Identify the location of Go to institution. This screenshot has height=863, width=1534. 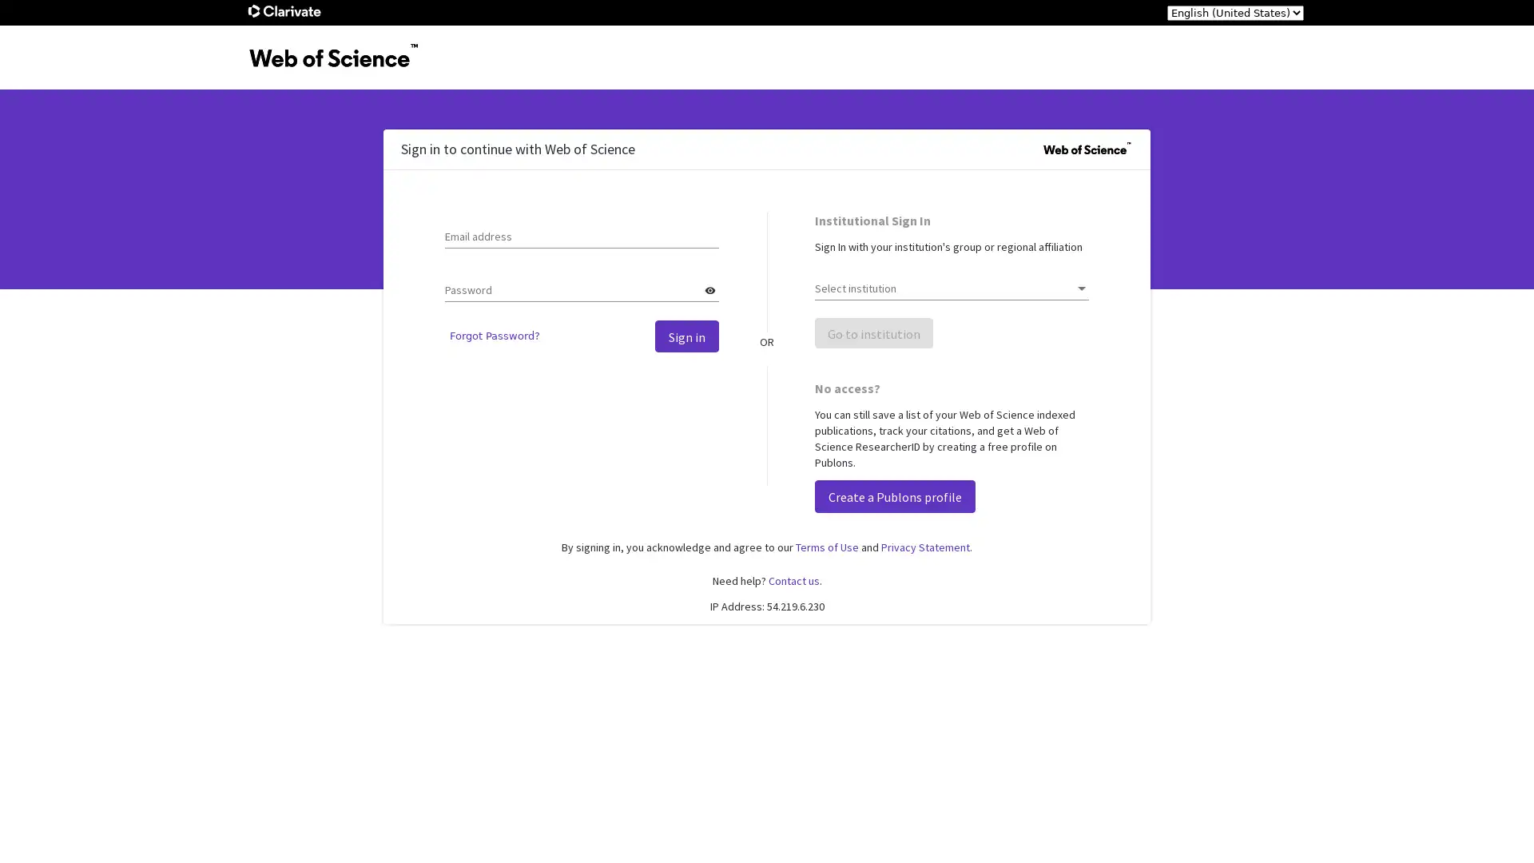
(873, 332).